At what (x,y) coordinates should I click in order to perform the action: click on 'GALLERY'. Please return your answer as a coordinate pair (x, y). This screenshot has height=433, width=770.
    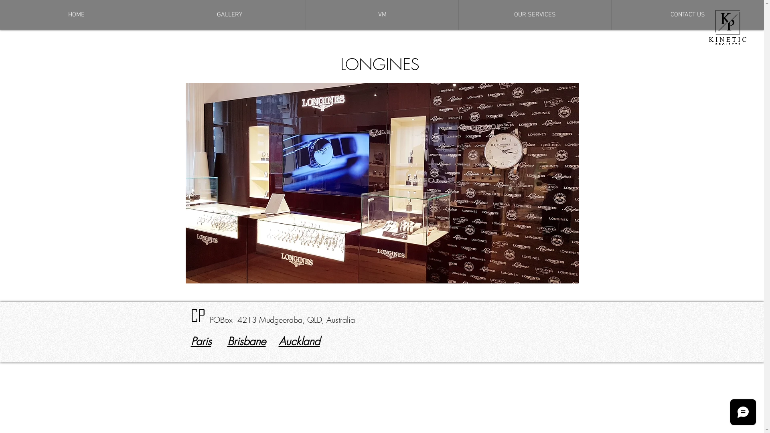
    Looking at the image, I should click on (229, 15).